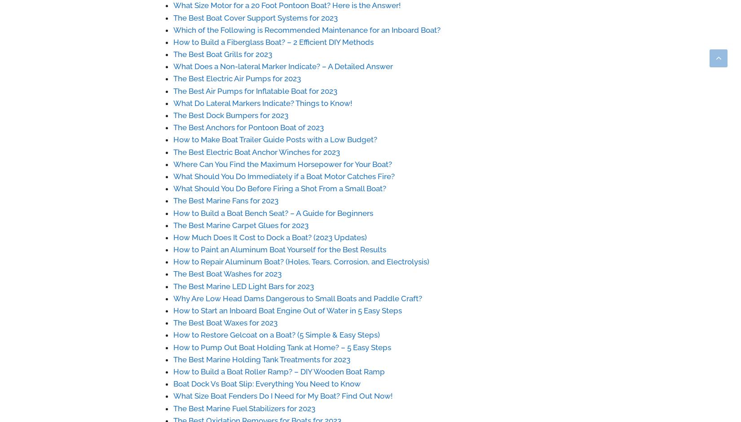  What do you see at coordinates (269, 236) in the screenshot?
I see `'How Much Does It Cost to Dock a Boat? (2023 Updates)'` at bounding box center [269, 236].